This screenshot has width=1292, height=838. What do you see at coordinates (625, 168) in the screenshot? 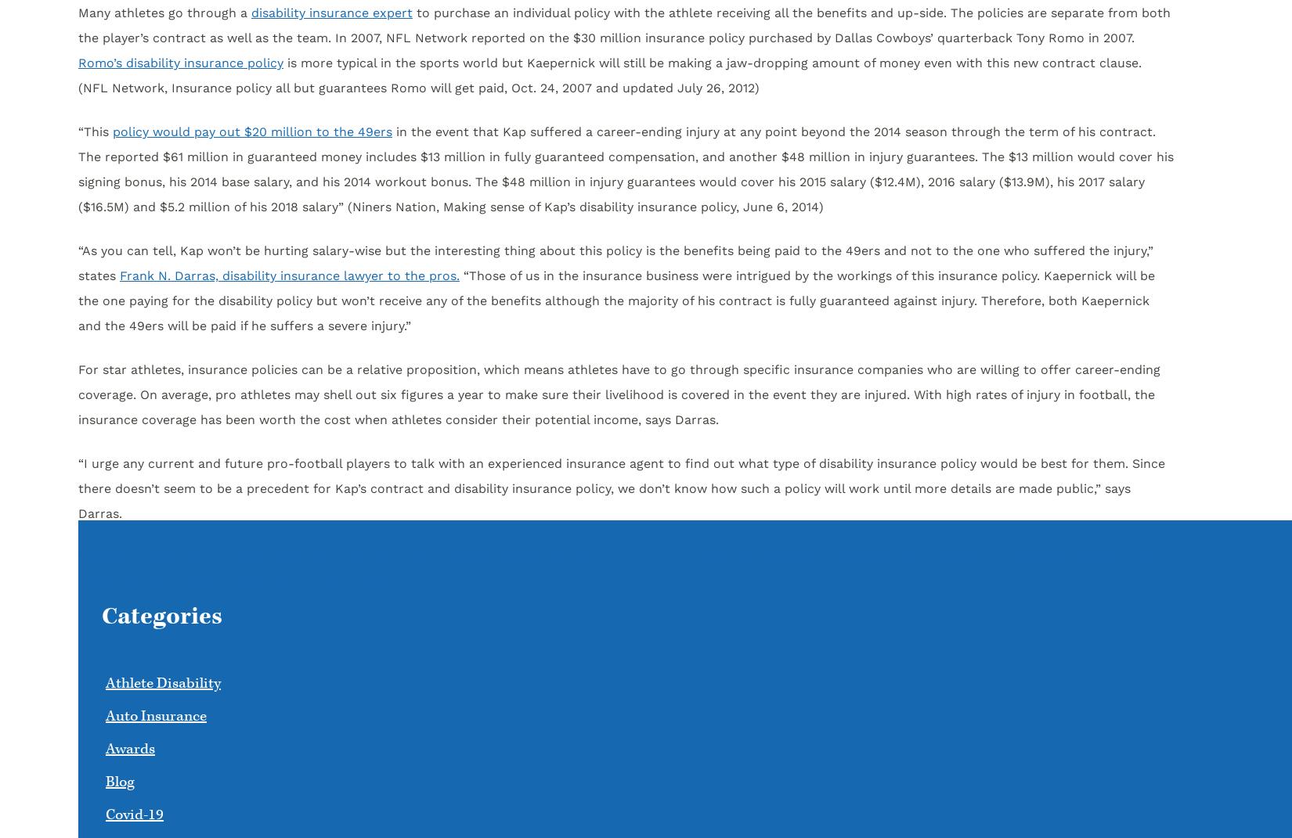
I see `'in the event that Kap suffered a career-ending injury at any point beyond the 2014 season through the term of his contract. The reported $61 million in guaranteed money includes $13 million in fully guaranteed compensation, and another $48 million in injury guarantees. The $13 million would cover his signing bonus, his 2014 base salary, and his 2014 workout bonus. The $48 million in injury guarantees would cover his 2015 salary ($12.4M), 2016 salary ($13.9M), his 2017 salary ($16.5M) and $5.2 million of his 2018 salary” (Niners Nation, Making sense of Kap’s disability insurance policy, June 6, 2014)'` at bounding box center [625, 168].